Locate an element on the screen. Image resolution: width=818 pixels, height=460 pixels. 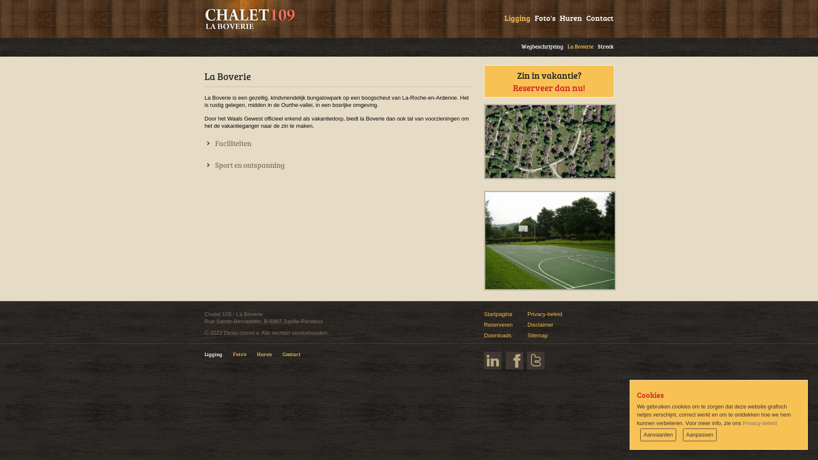
'Zin in vakantie? is located at coordinates (548, 81).